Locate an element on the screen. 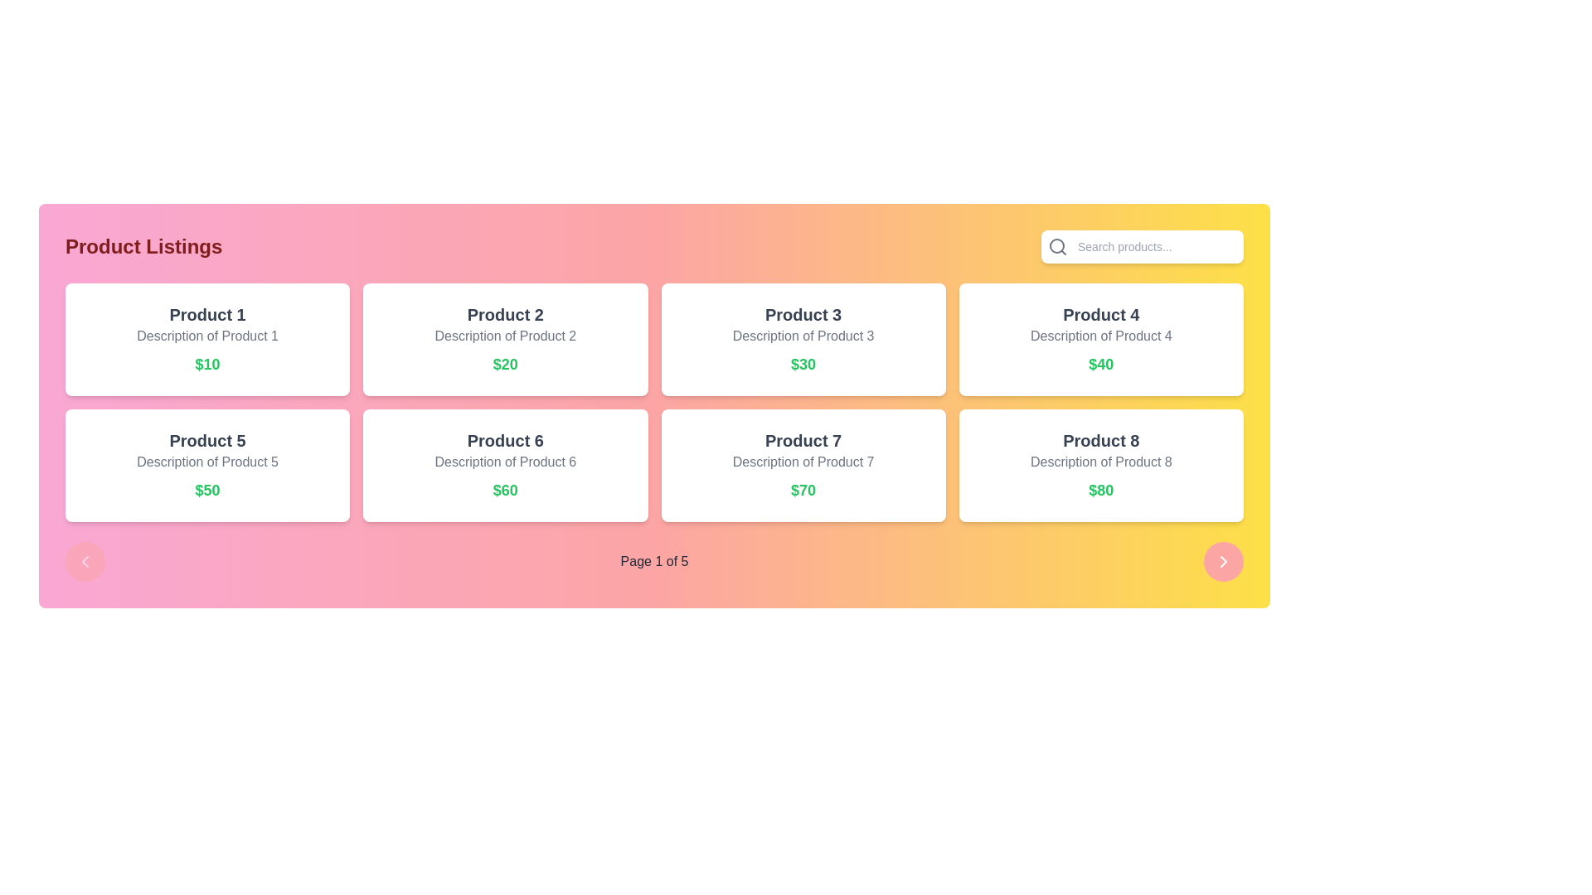  the static text label that contains 'Description of Product 2', which is located below the header 'Product 2' and above the price '$20' within the product card for 'Product 2' is located at coordinates (504, 336).